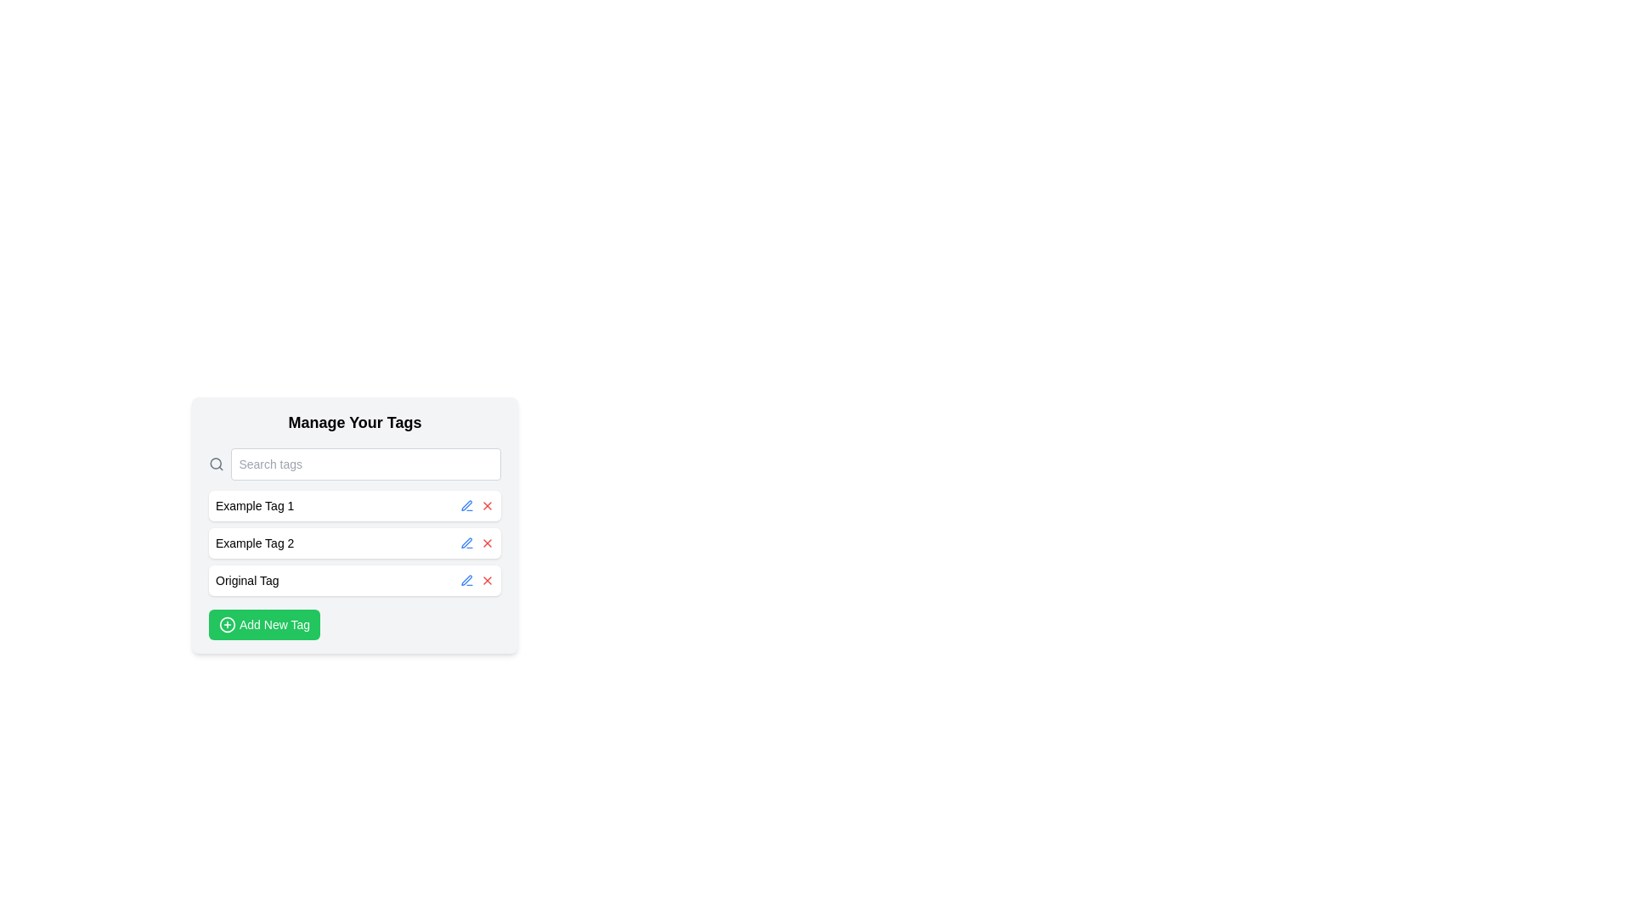  I want to click on the delete icon button located in the third section of the item row corresponding to the first tag, so click(487, 505).